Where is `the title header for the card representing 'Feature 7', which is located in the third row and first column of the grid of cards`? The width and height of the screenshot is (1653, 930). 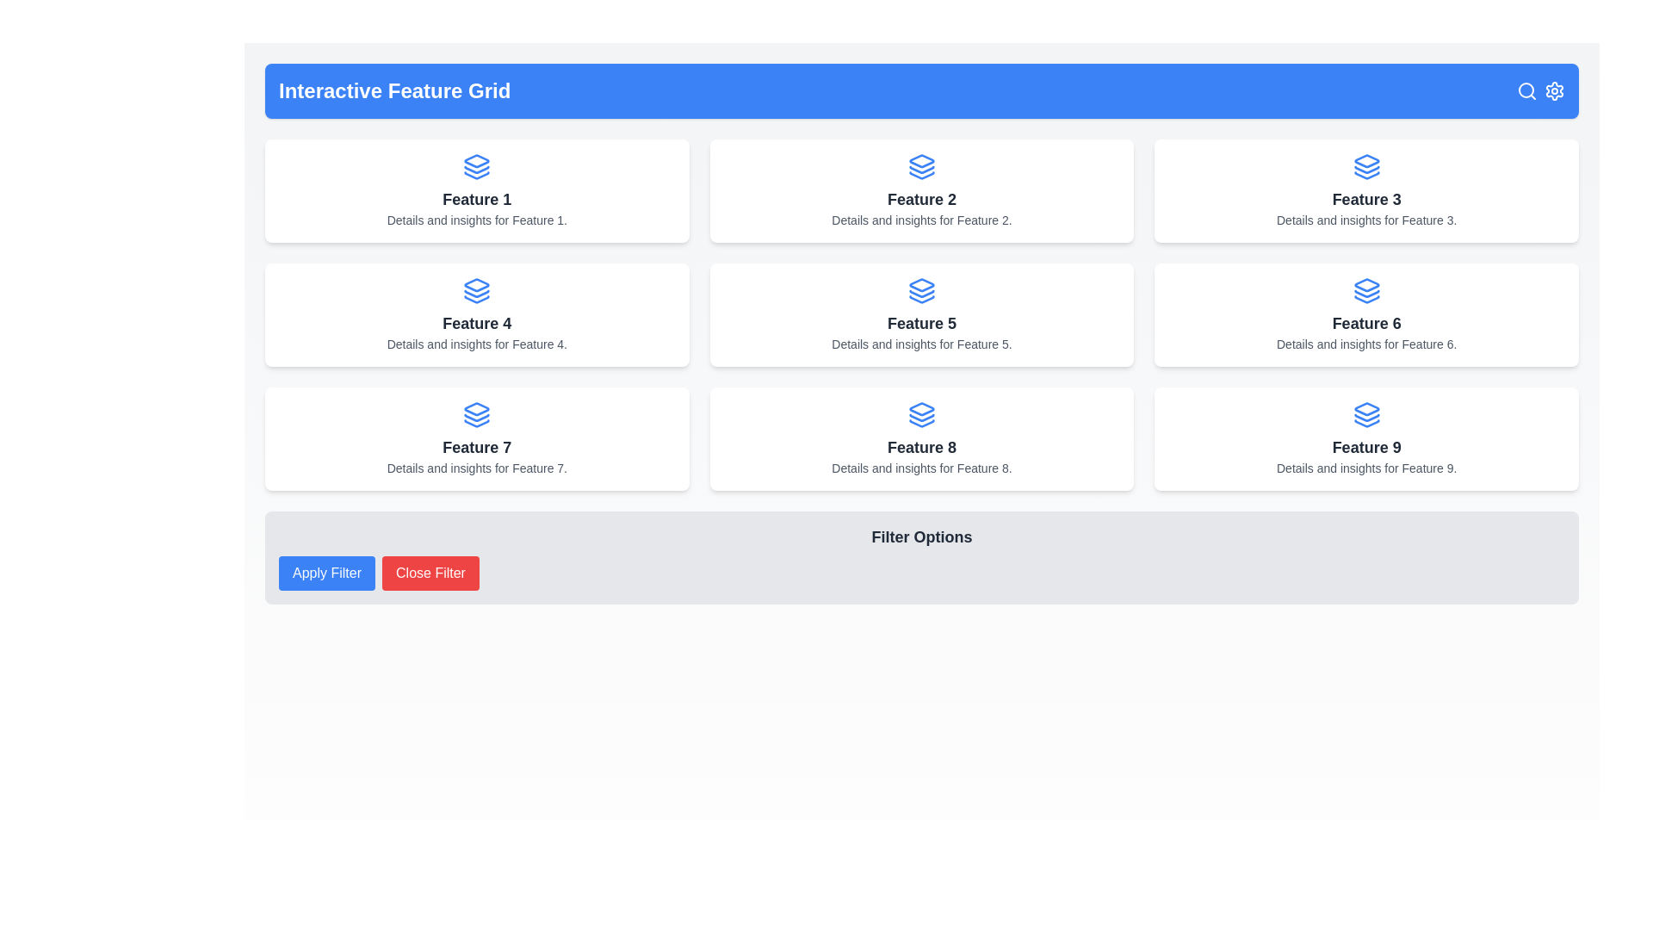 the title header for the card representing 'Feature 7', which is located in the third row and first column of the grid of cards is located at coordinates (477, 447).